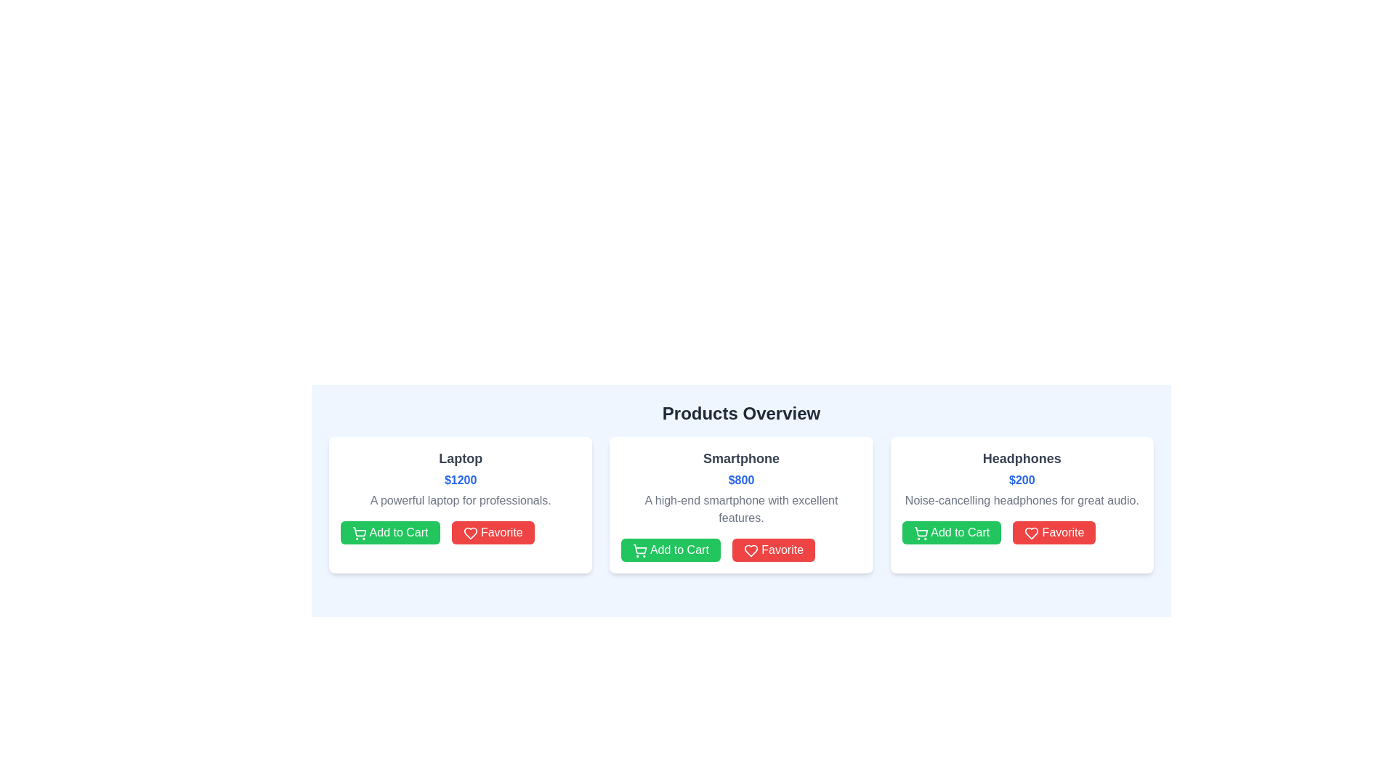 The height and width of the screenshot is (784, 1395). I want to click on the red 'Favorite' button located to the right of the 'Add to Cart' button in the Laptop product card, so click(493, 532).